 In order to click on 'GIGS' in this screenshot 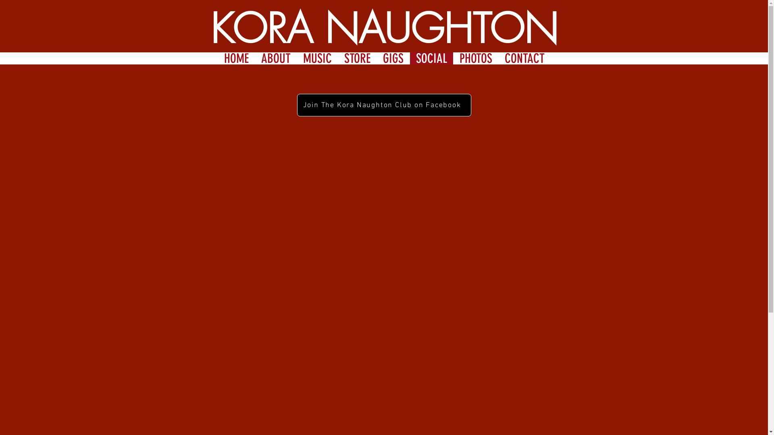, I will do `click(393, 58)`.